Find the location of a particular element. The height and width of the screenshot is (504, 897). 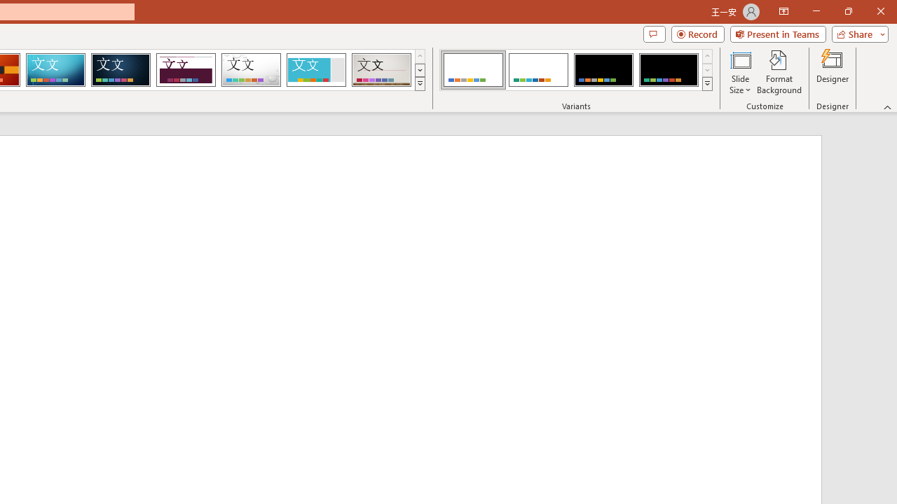

'Office Theme Variant 4' is located at coordinates (668, 70).